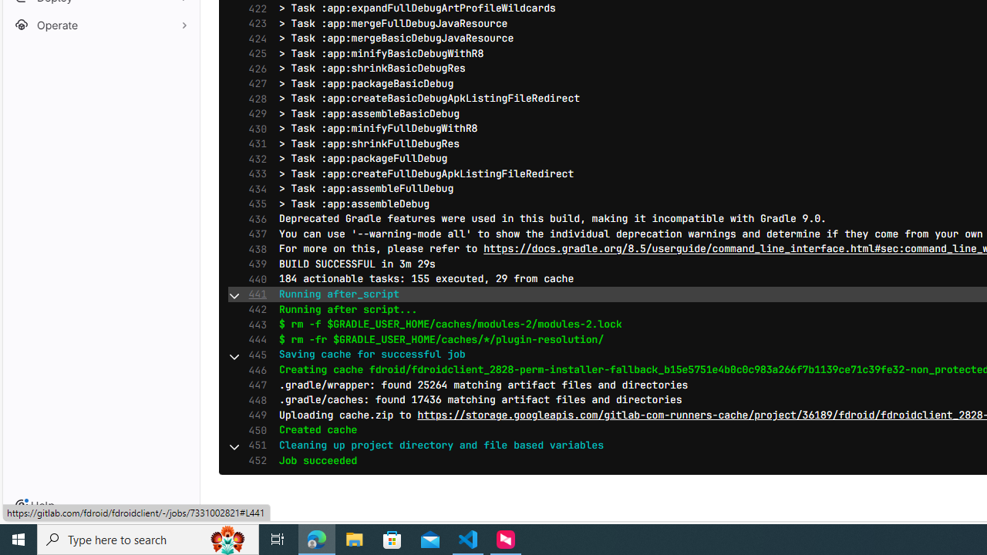  I want to click on '424', so click(254, 38).